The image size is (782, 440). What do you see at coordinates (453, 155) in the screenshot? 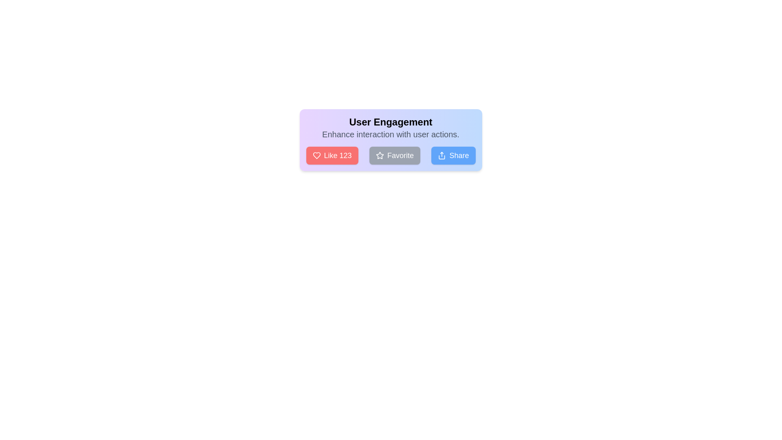
I see `the blue 'Share' button with rounded edges, displaying an upward arrow icon` at bounding box center [453, 155].